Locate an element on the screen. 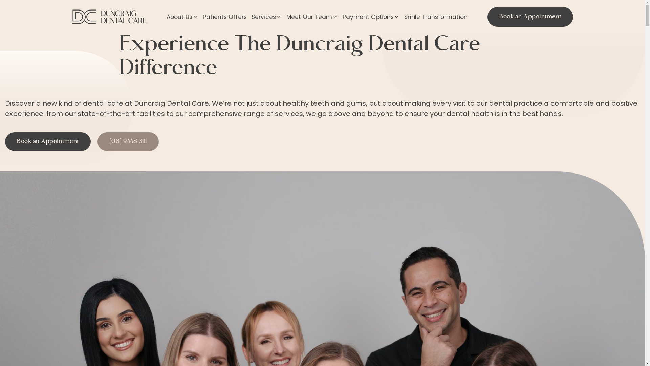  'Patients Offers' is located at coordinates (224, 17).